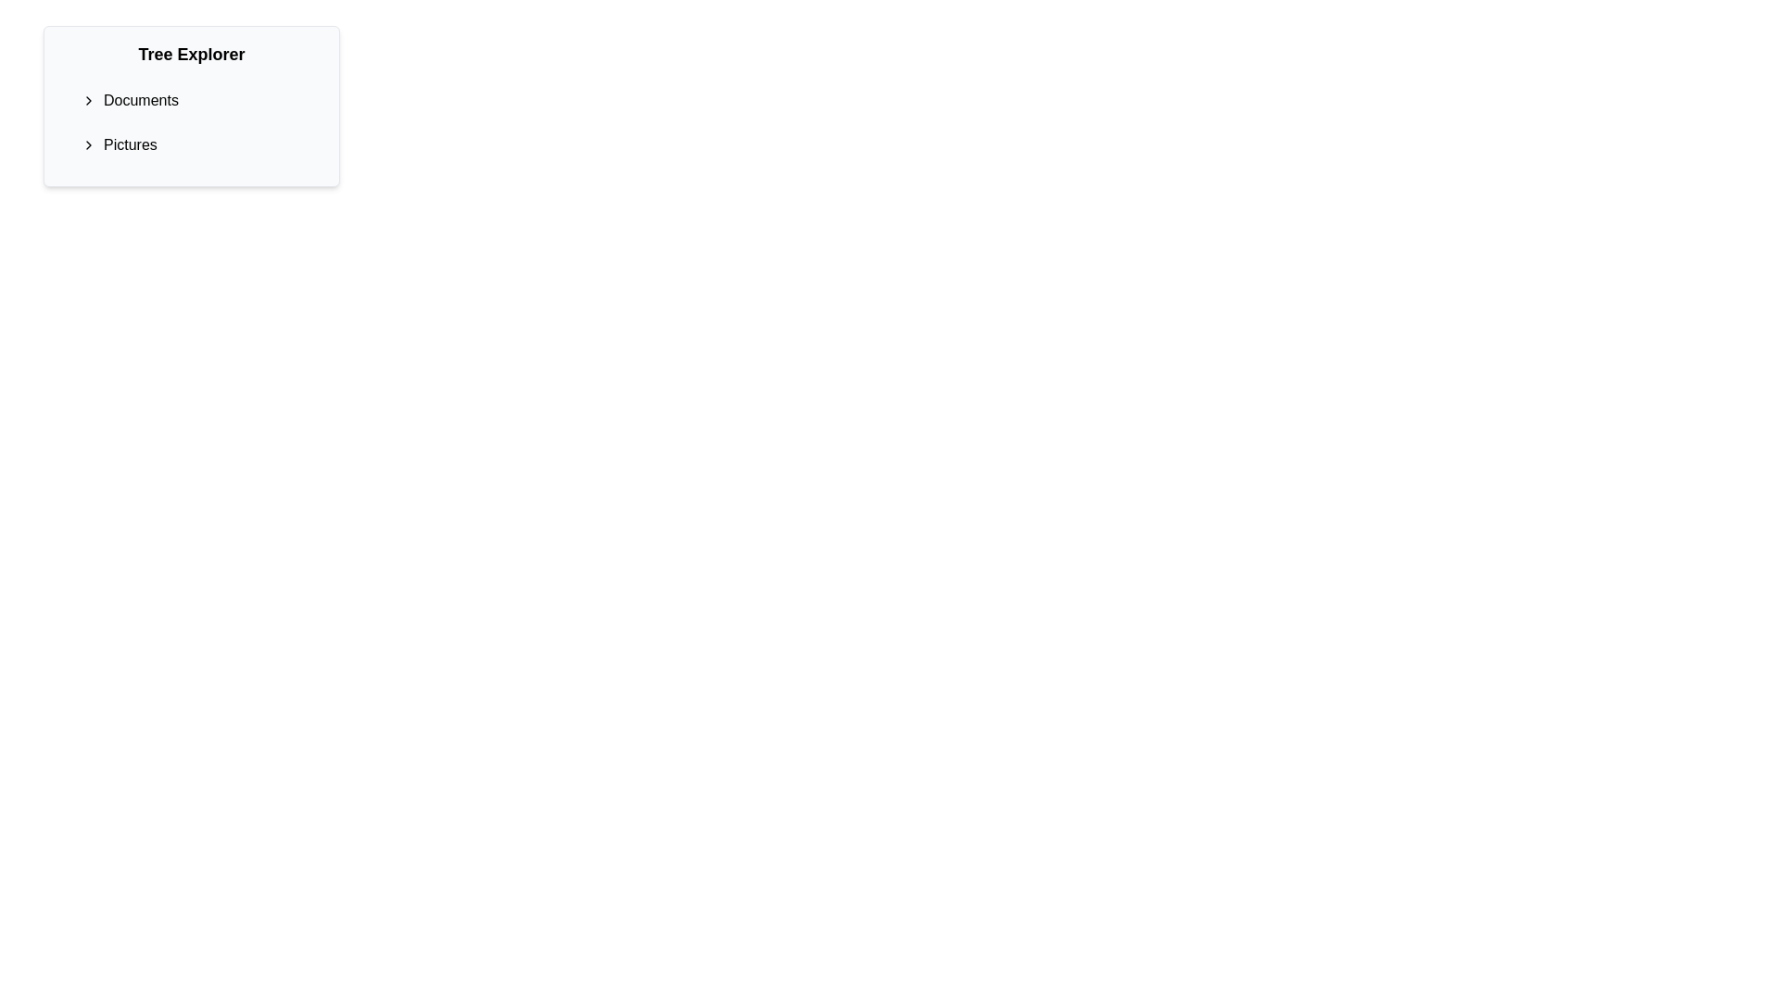  I want to click on the right-facing chevron icon next to the text 'Documents' in the Tree Explorer navigation panel, so click(88, 100).